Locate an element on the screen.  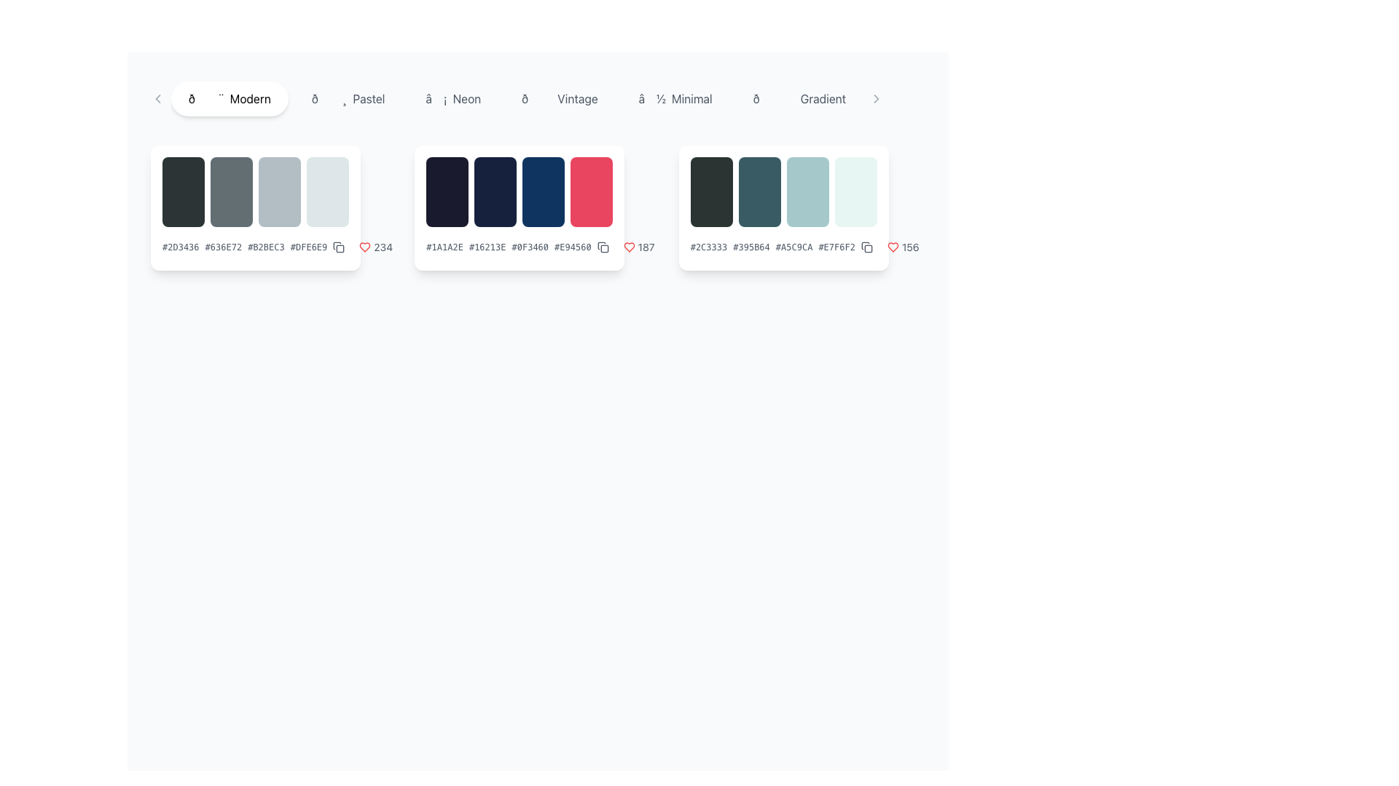
the leftward-facing chevron arrow icon button, which is styled in gray and located immediately to the left of the 'Modern' category label in the horizontal category navigation bar is located at coordinates (157, 98).